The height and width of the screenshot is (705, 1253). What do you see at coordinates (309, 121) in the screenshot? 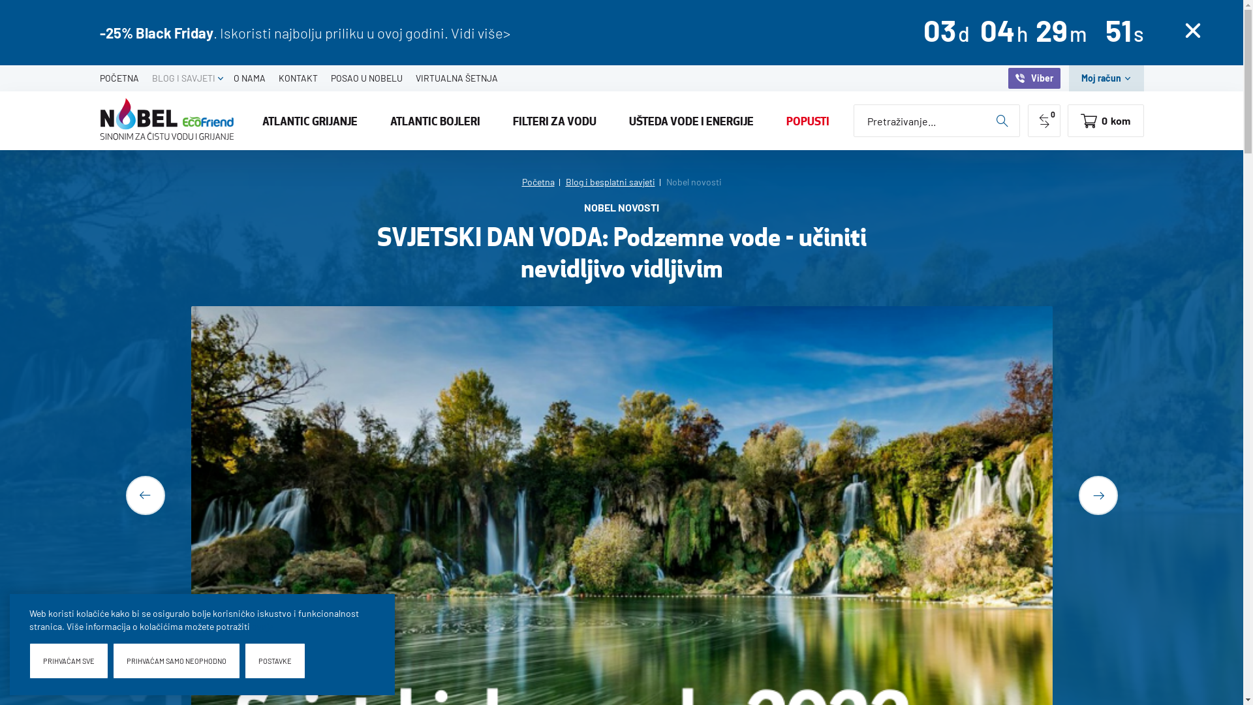
I see `'ATLANTIC GRIJANJE'` at bounding box center [309, 121].